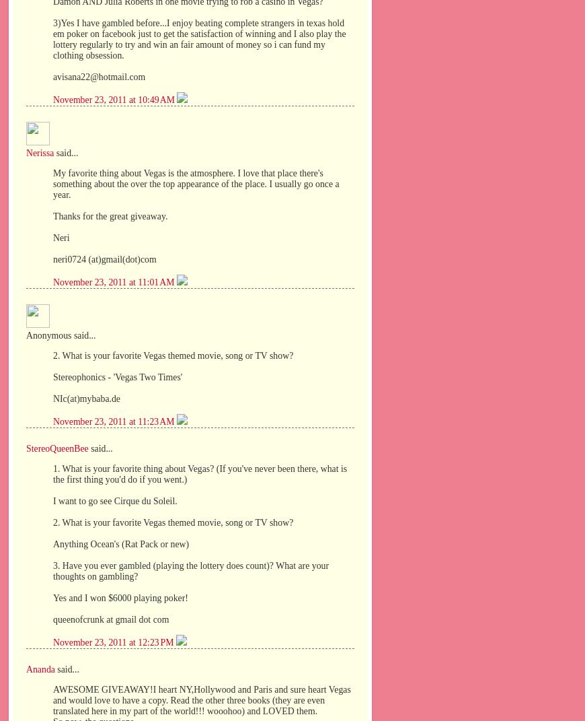 This screenshot has height=721, width=585. Describe the element at coordinates (110, 619) in the screenshot. I see `'queenofcrunk at gmail dot com'` at that location.